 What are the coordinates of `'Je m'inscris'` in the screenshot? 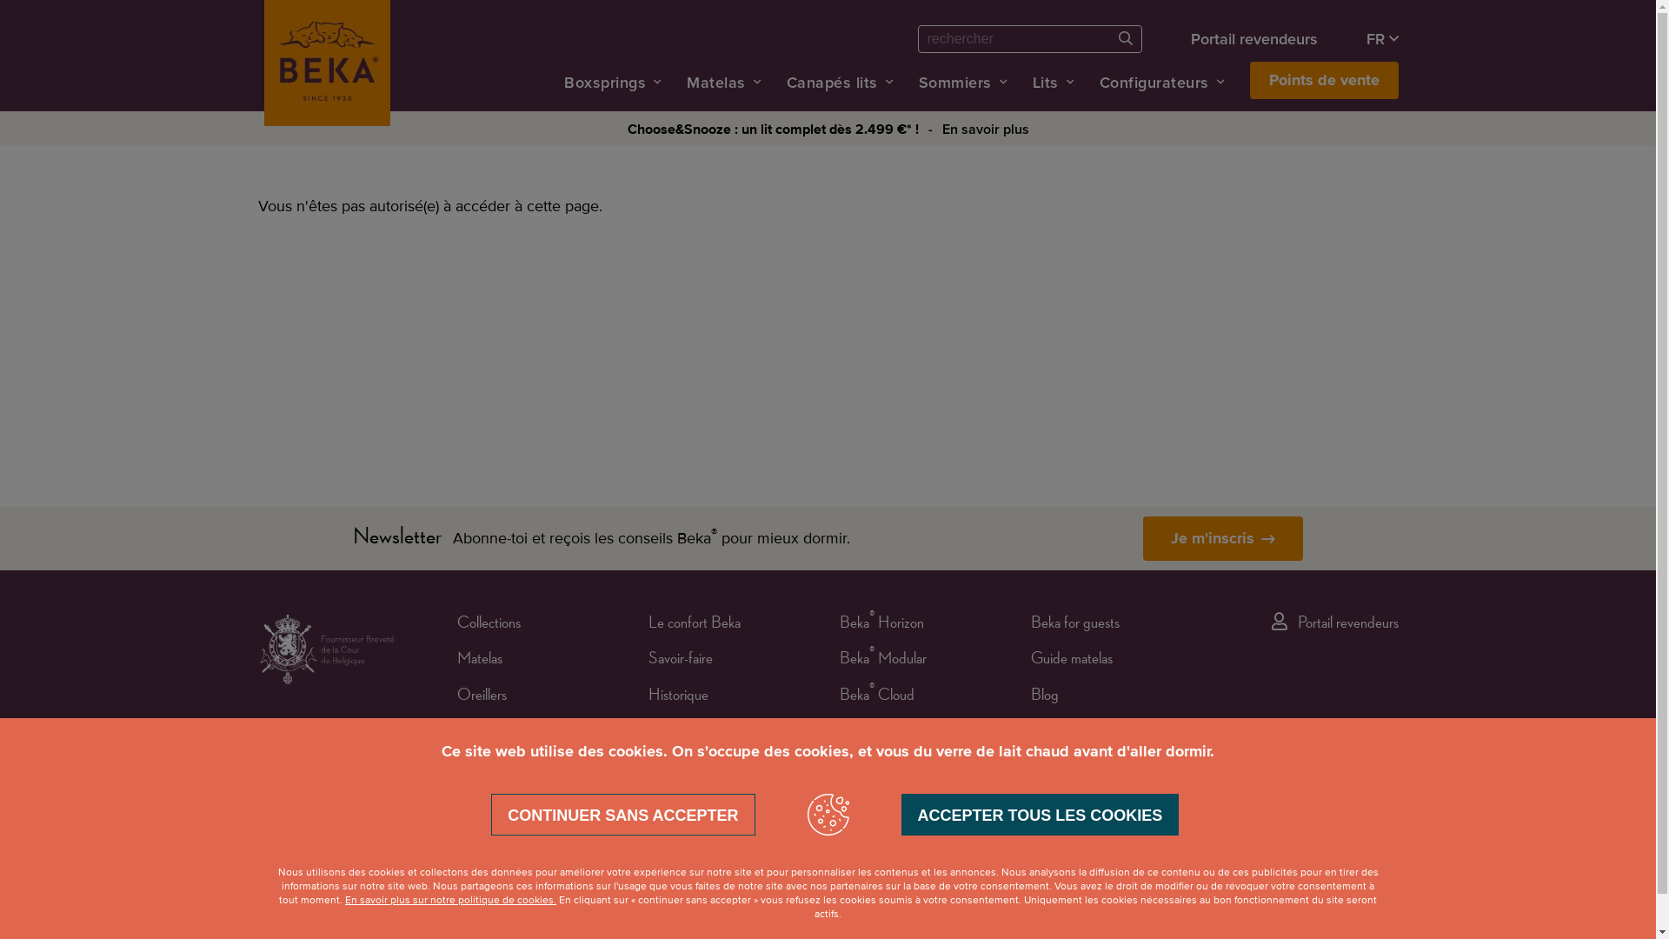 It's located at (1221, 537).